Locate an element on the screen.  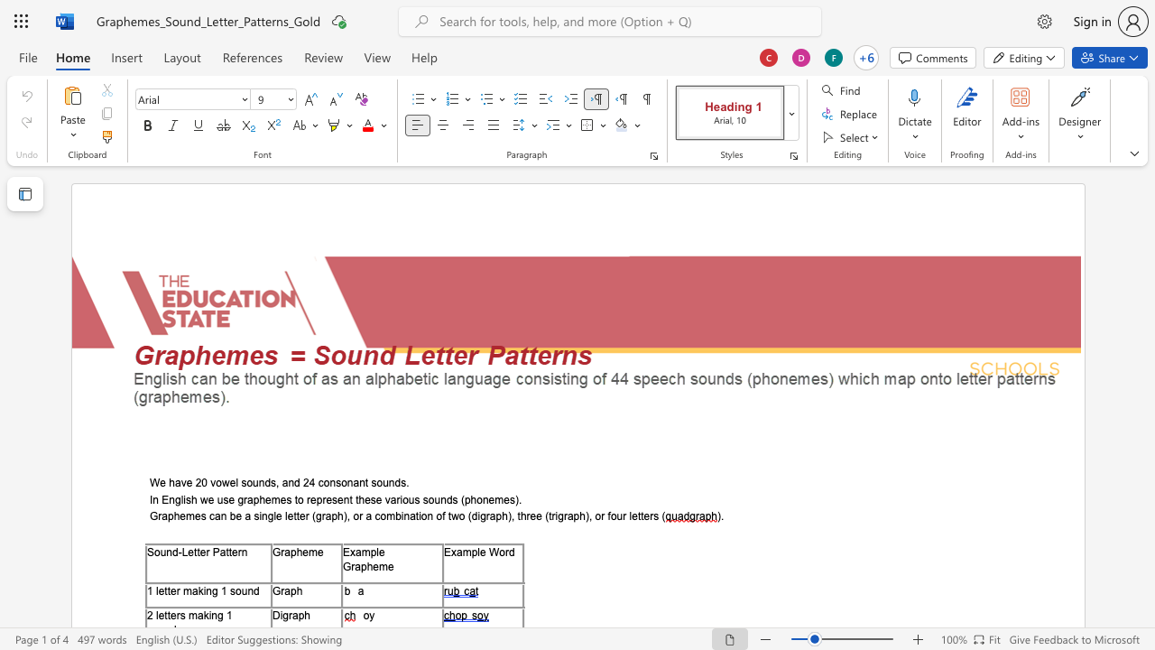
the space between the continuous character "s" and "," in the text is located at coordinates (274, 482).